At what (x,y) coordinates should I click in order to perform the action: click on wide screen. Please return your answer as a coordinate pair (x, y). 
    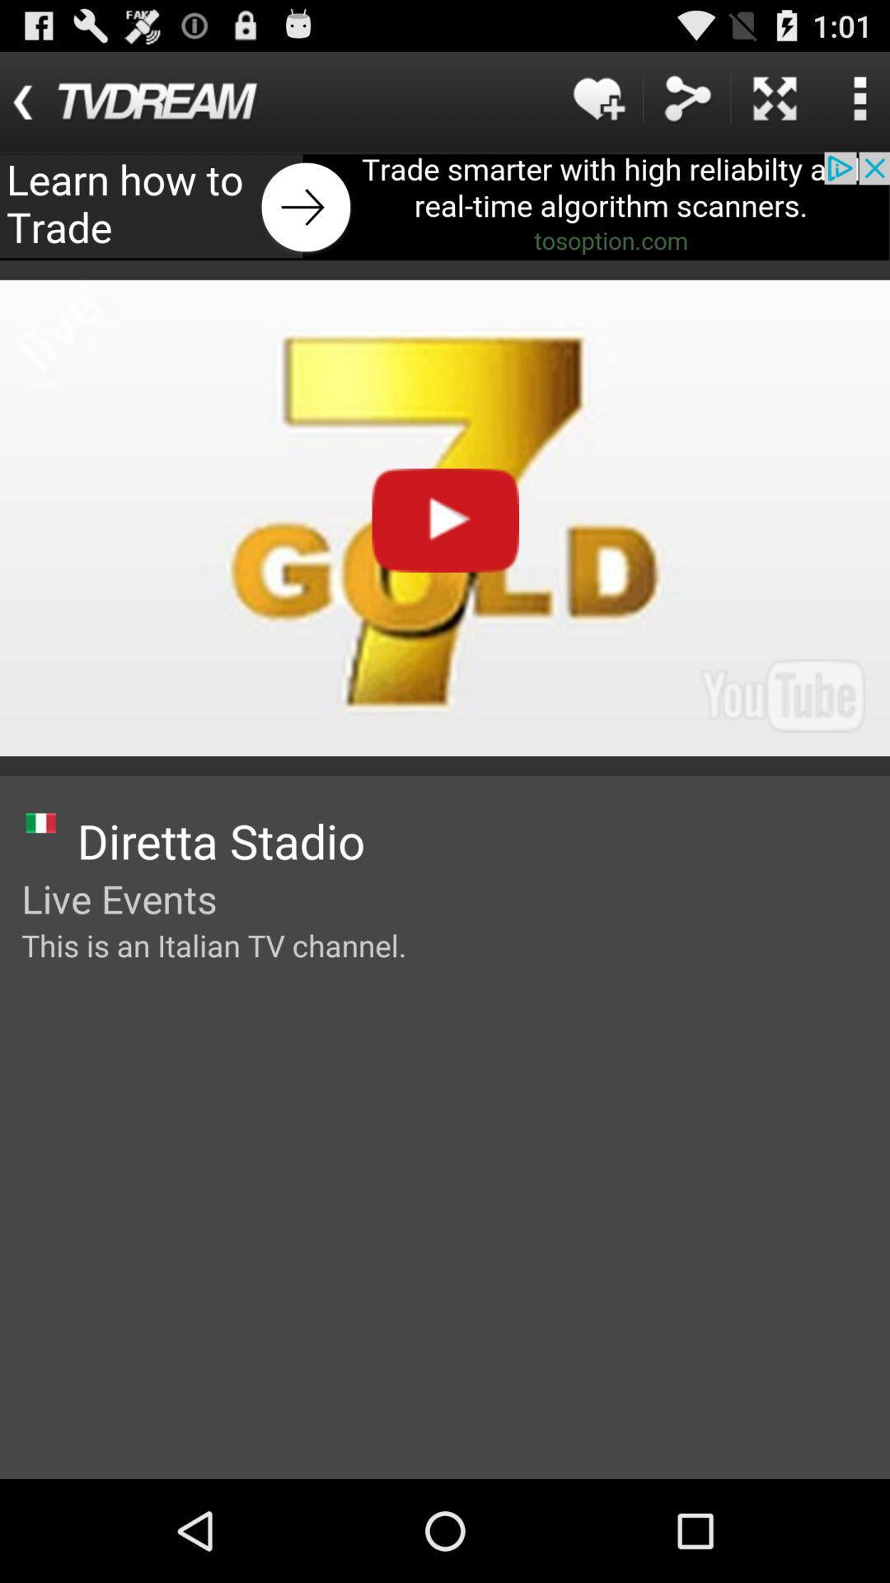
    Looking at the image, I should click on (775, 97).